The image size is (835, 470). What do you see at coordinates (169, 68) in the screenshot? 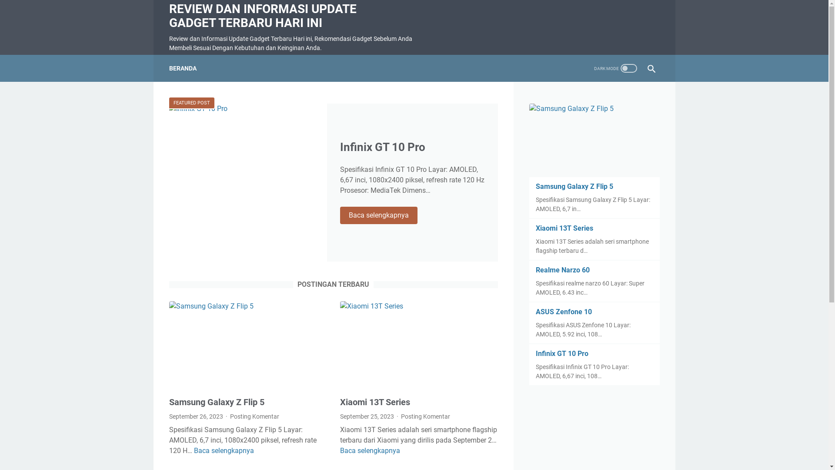
I see `'BERANDA'` at bounding box center [169, 68].